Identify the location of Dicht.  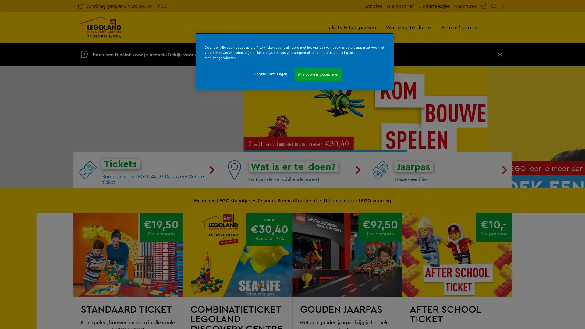
(500, 54).